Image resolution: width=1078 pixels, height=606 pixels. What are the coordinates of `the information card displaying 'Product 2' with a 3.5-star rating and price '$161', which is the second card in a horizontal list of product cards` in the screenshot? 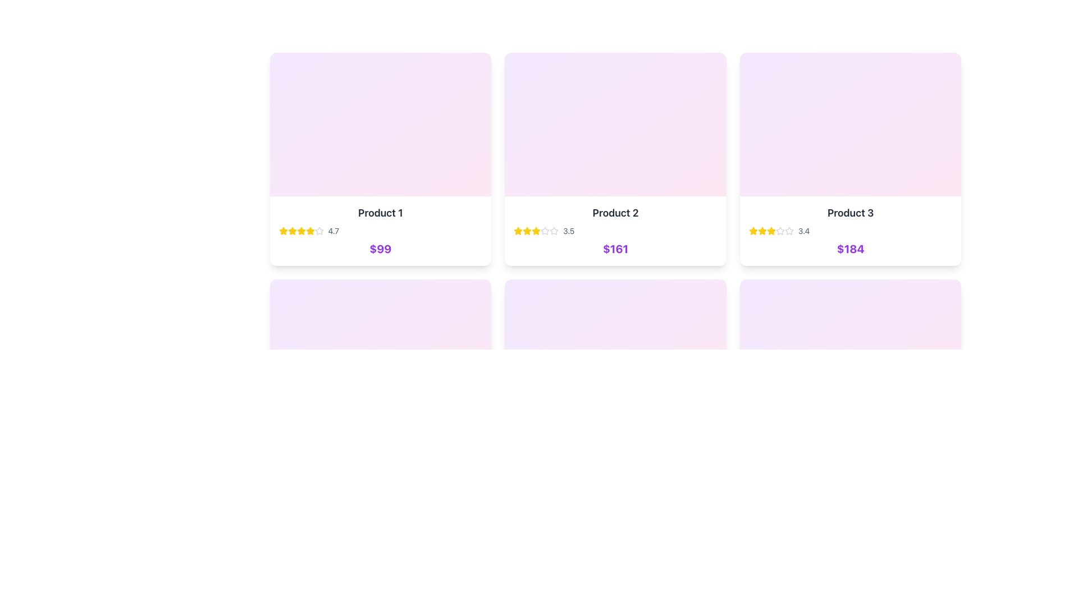 It's located at (615, 231).